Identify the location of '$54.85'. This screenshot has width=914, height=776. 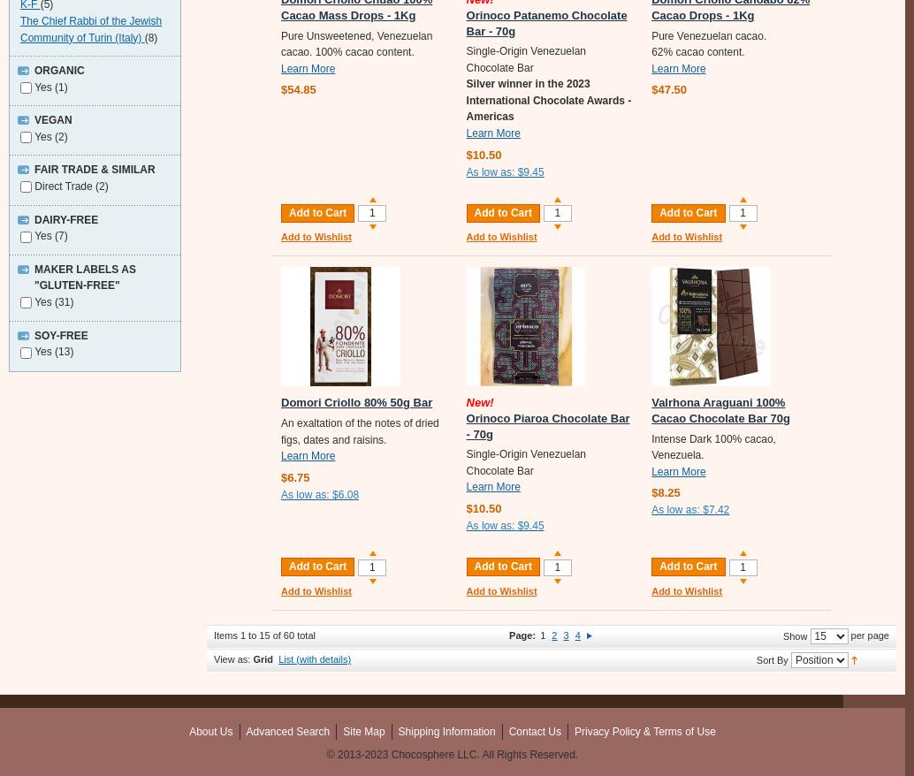
(297, 88).